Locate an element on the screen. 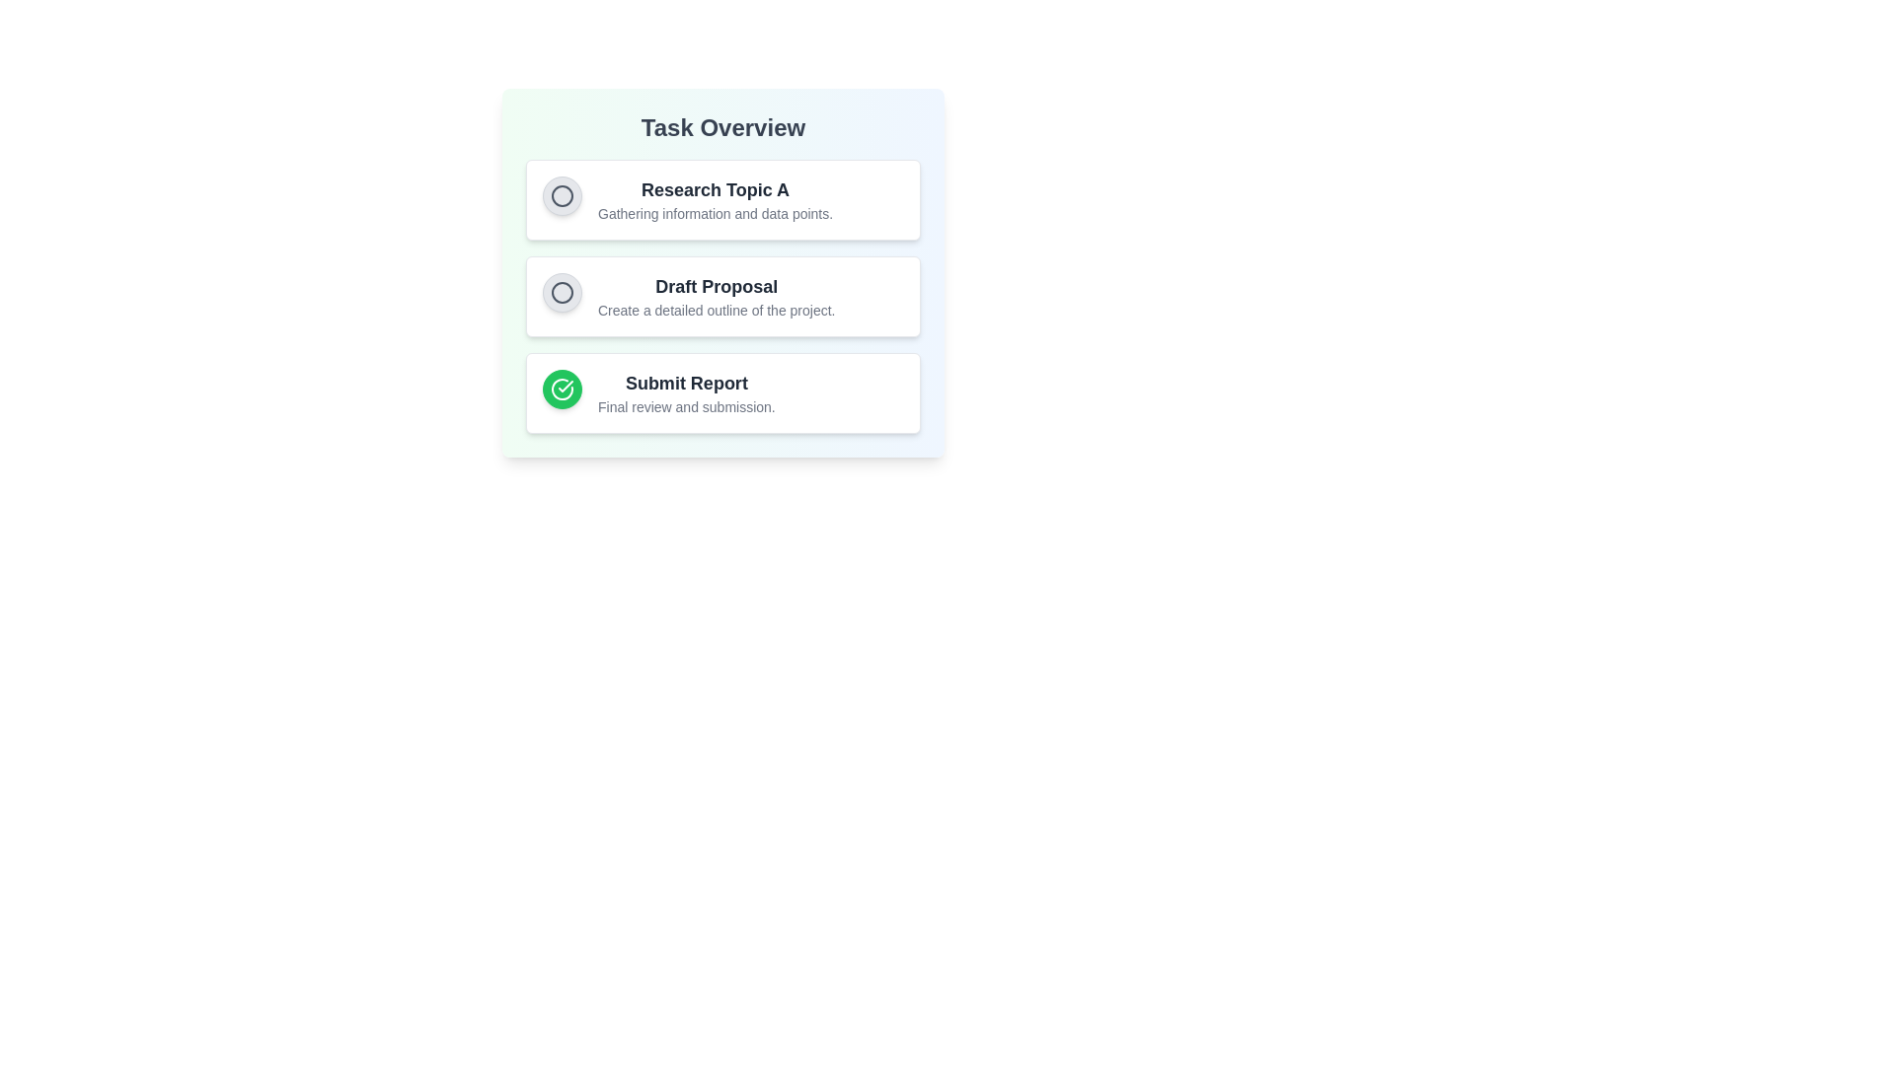  the description text of the 'Submit Report' informational card, which is the third card in a vertical list of steps, located below 'Draft Proposal' is located at coordinates (722, 392).